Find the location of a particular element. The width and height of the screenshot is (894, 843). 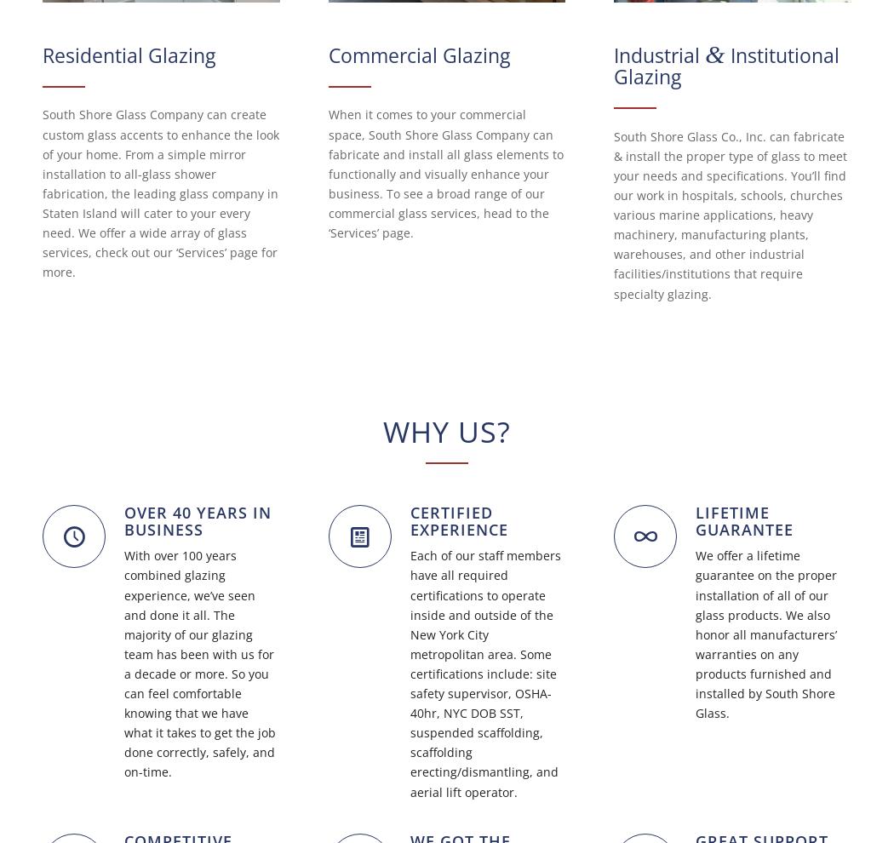

'South Shore Glass Company can create custom glass accents to enhance the look of your home. From a simple mirror installation to all-glass shower fabrication, the leading glass company in Staten Island will cater to your every need. We offer a wide array of glass services, check out our ‘Services’ page for more.' is located at coordinates (160, 192).